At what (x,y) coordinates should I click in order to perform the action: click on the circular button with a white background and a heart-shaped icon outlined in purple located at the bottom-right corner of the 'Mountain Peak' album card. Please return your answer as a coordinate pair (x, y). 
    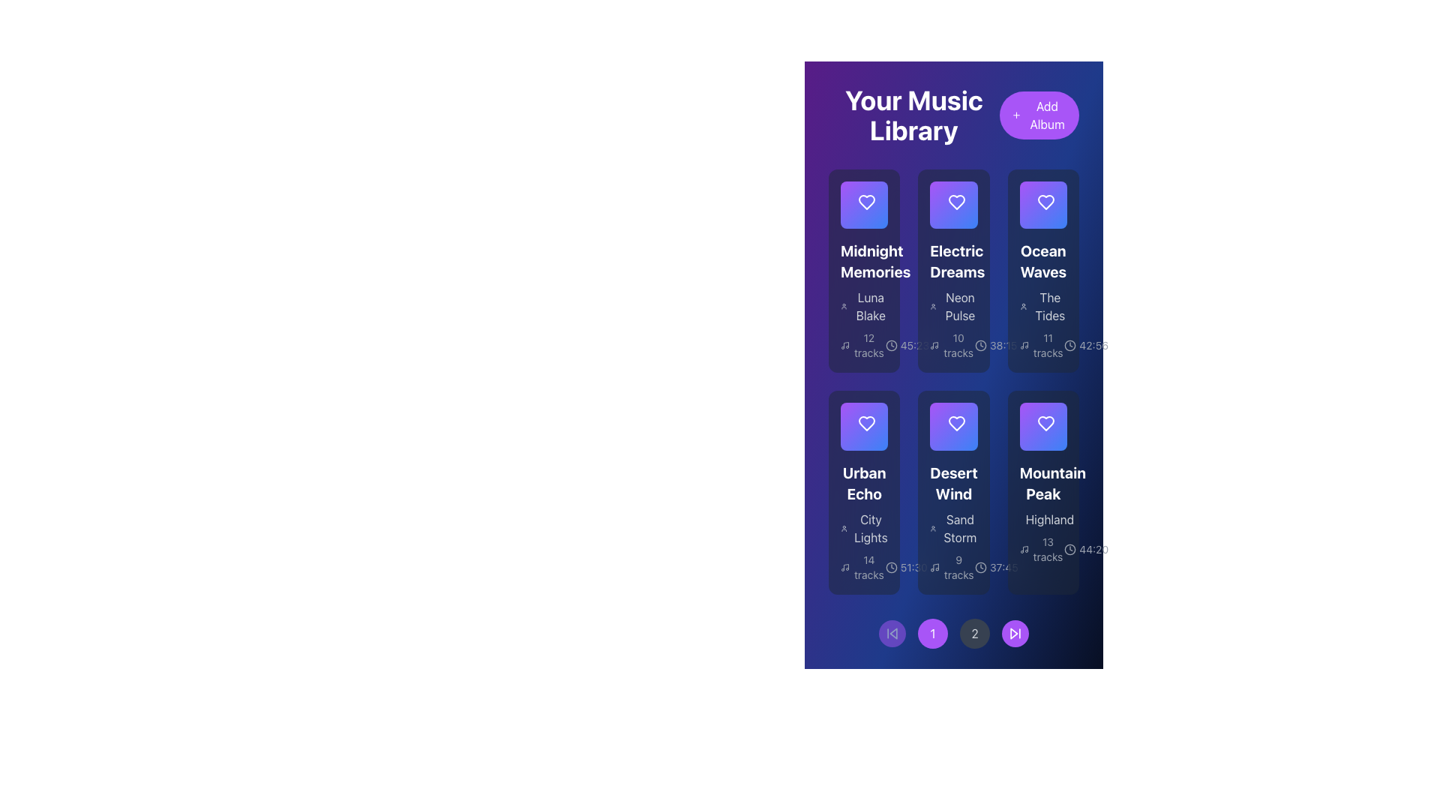
    Looking at the image, I should click on (1042, 427).